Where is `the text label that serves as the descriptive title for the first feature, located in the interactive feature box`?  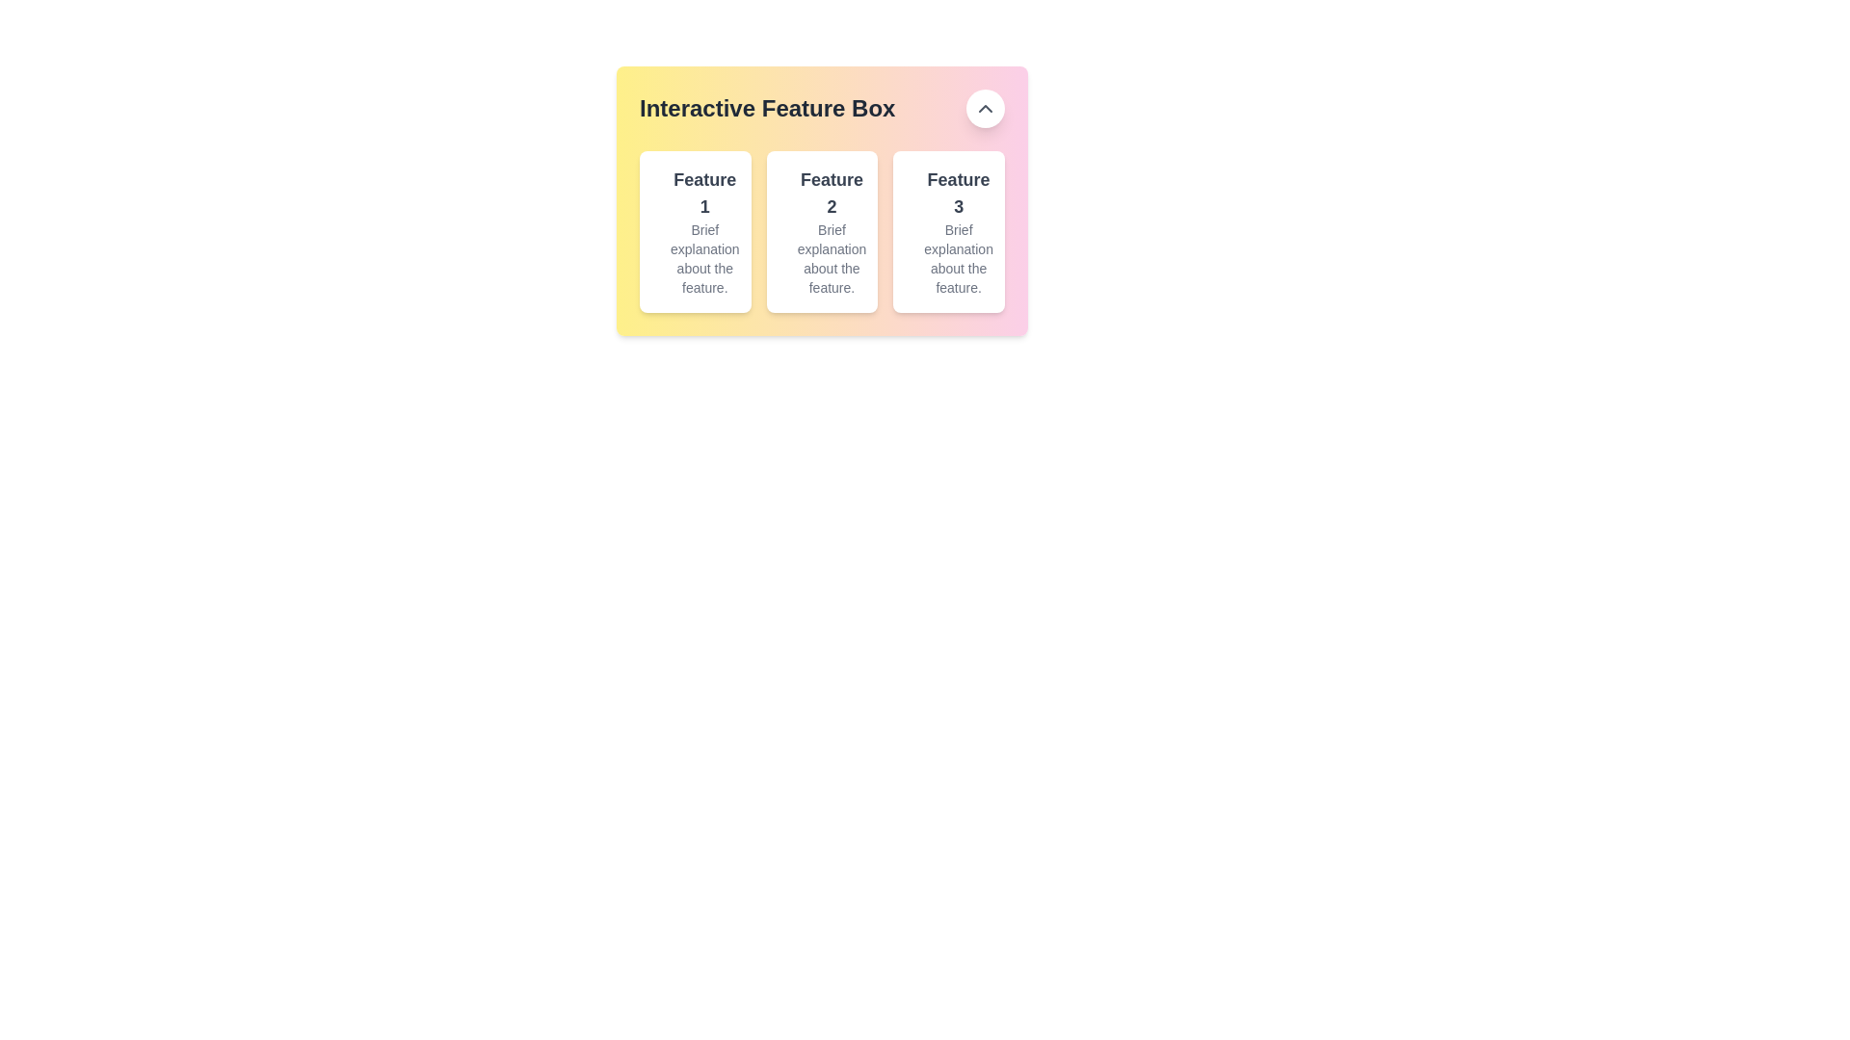 the text label that serves as the descriptive title for the first feature, located in the interactive feature box is located at coordinates (703, 193).